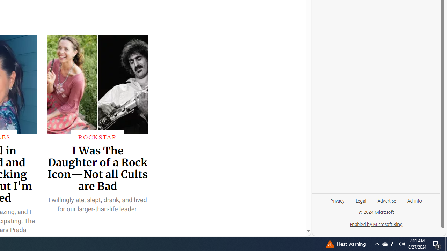 The width and height of the screenshot is (447, 251). Describe the element at coordinates (386, 203) in the screenshot. I see `'Advertise'` at that location.